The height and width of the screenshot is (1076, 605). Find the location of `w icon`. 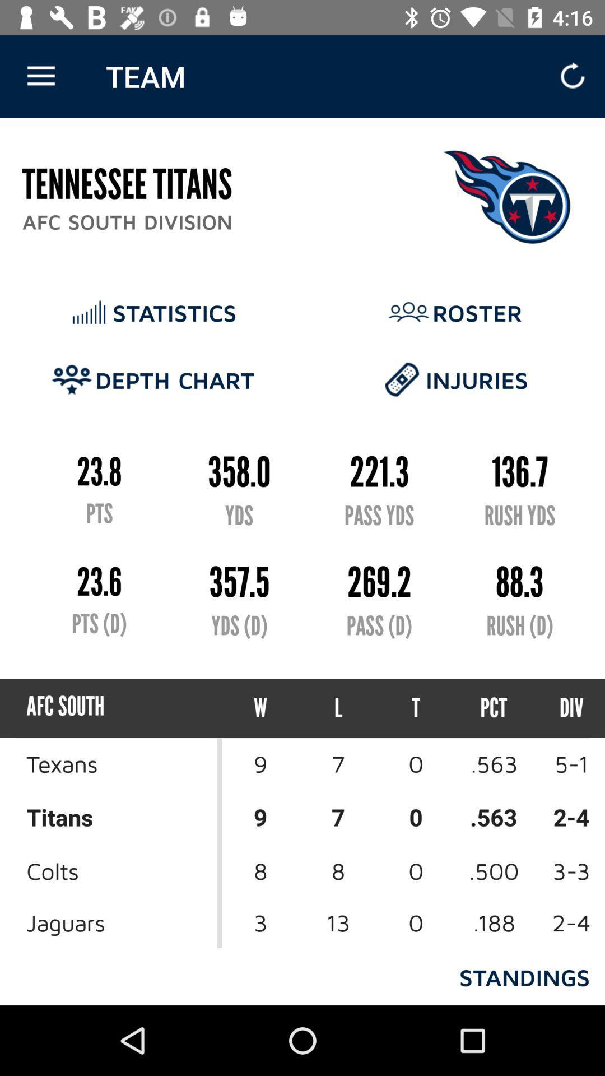

w icon is located at coordinates (260, 707).